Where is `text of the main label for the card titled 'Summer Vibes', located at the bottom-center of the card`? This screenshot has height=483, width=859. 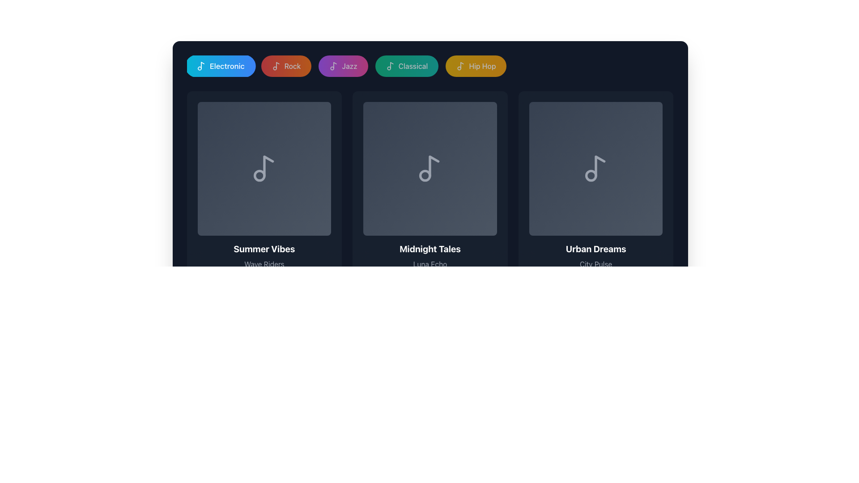 text of the main label for the card titled 'Summer Vibes', located at the bottom-center of the card is located at coordinates (264, 249).